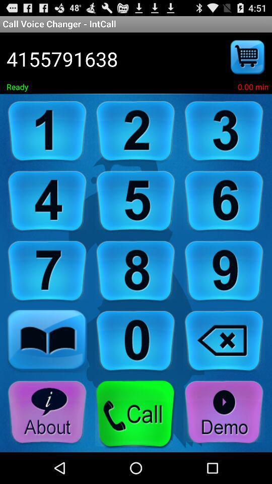 This screenshot has width=272, height=484. I want to click on display relevant information, so click(47, 412).